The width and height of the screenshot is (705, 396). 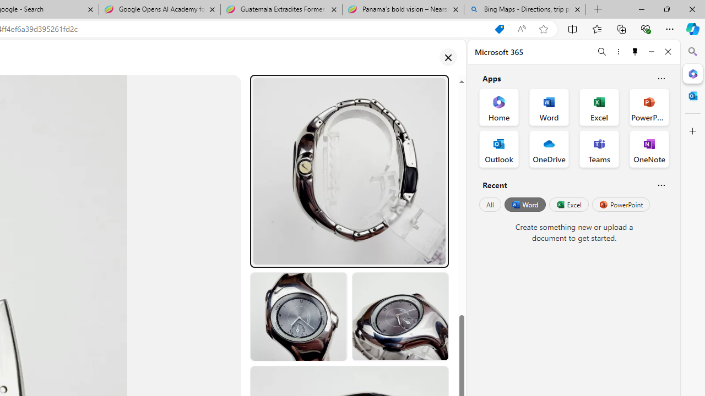 I want to click on 'PowerPoint', so click(x=621, y=205).